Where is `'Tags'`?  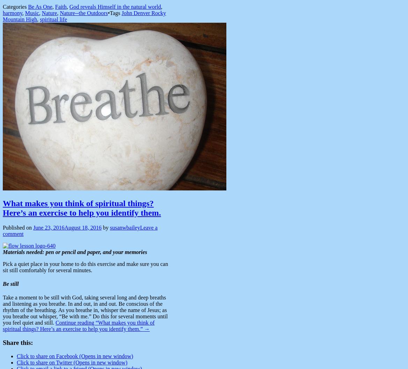
'Tags' is located at coordinates (116, 13).